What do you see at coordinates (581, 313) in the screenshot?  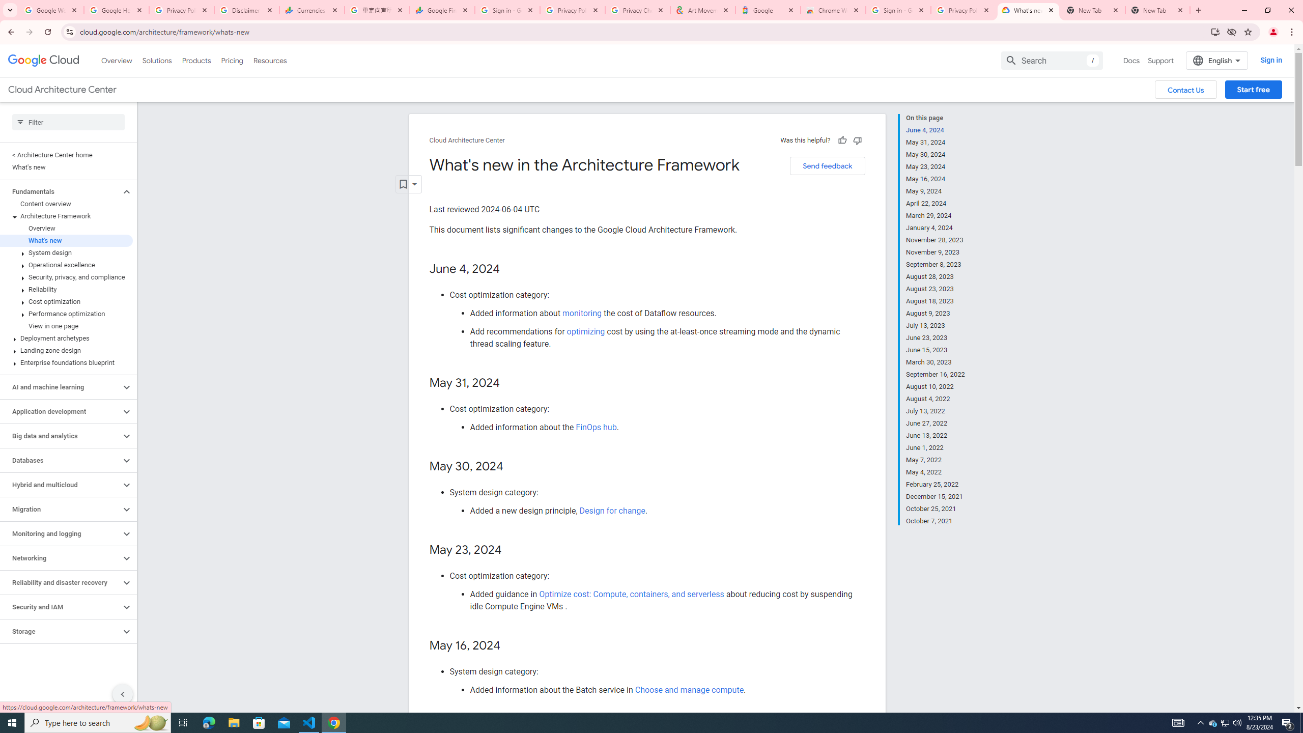 I see `'monitoring'` at bounding box center [581, 313].